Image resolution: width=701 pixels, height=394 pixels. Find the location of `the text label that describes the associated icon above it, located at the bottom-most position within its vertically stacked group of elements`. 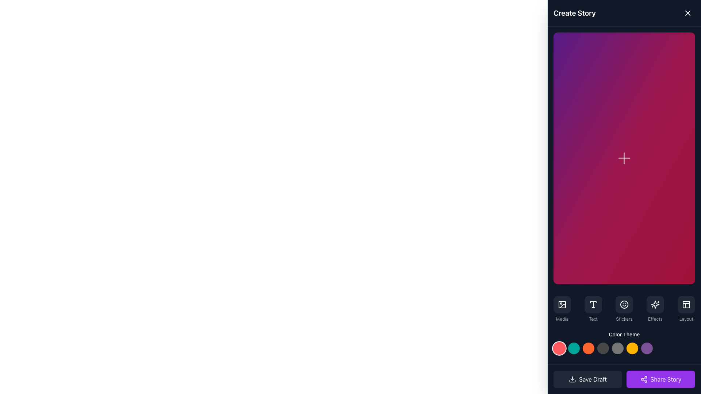

the text label that describes the associated icon above it, located at the bottom-most position within its vertically stacked group of elements is located at coordinates (593, 318).